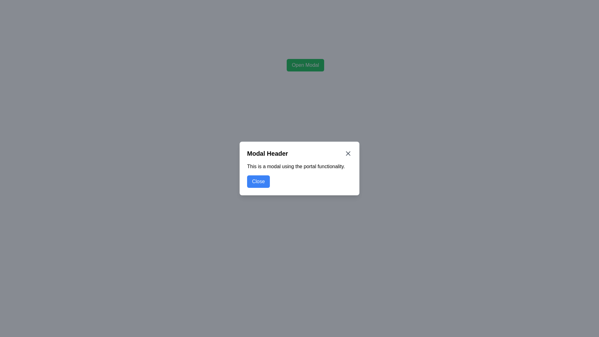  I want to click on the button with a green background and text 'Open Modal', so click(305, 65).